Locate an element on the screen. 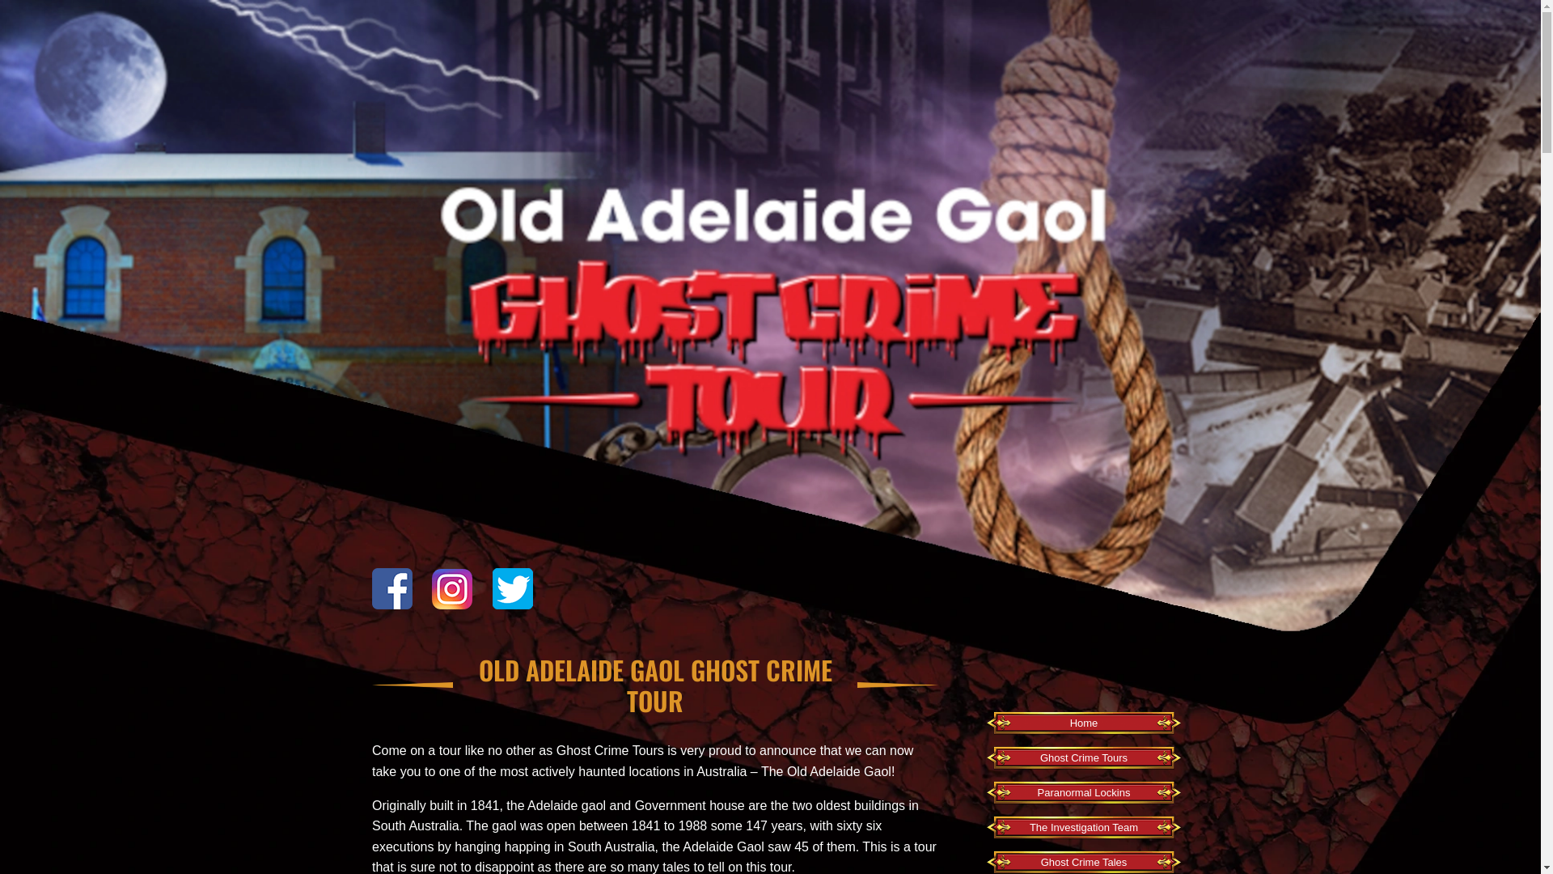  'Ghost Crime Tours' is located at coordinates (1083, 758).